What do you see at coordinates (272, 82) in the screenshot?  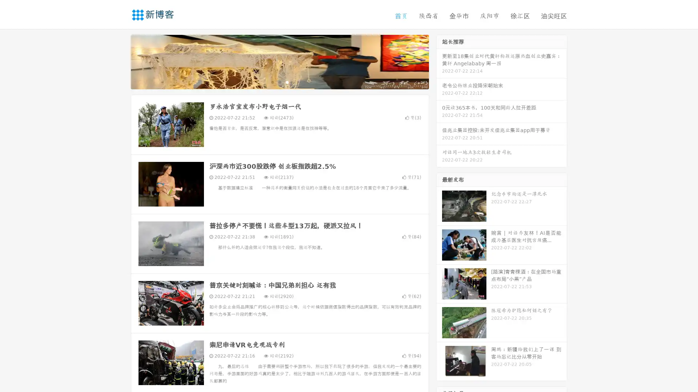 I see `Go to slide 1` at bounding box center [272, 82].